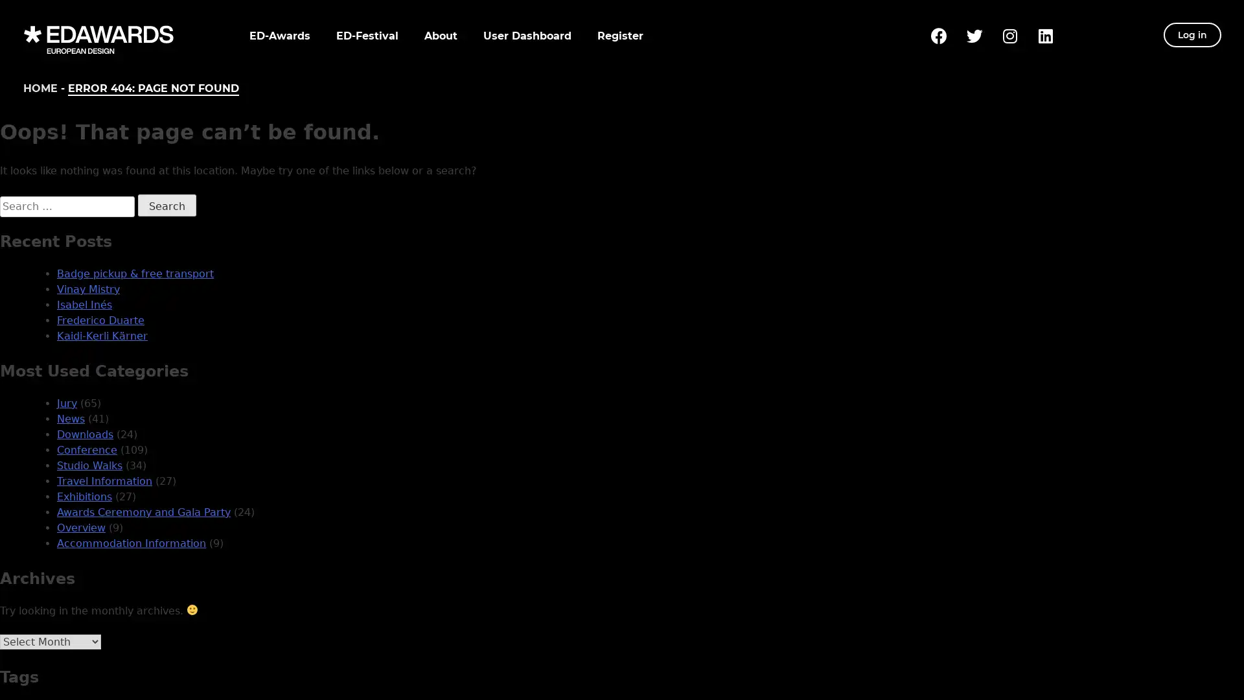 This screenshot has width=1244, height=700. What do you see at coordinates (167, 204) in the screenshot?
I see `Search` at bounding box center [167, 204].